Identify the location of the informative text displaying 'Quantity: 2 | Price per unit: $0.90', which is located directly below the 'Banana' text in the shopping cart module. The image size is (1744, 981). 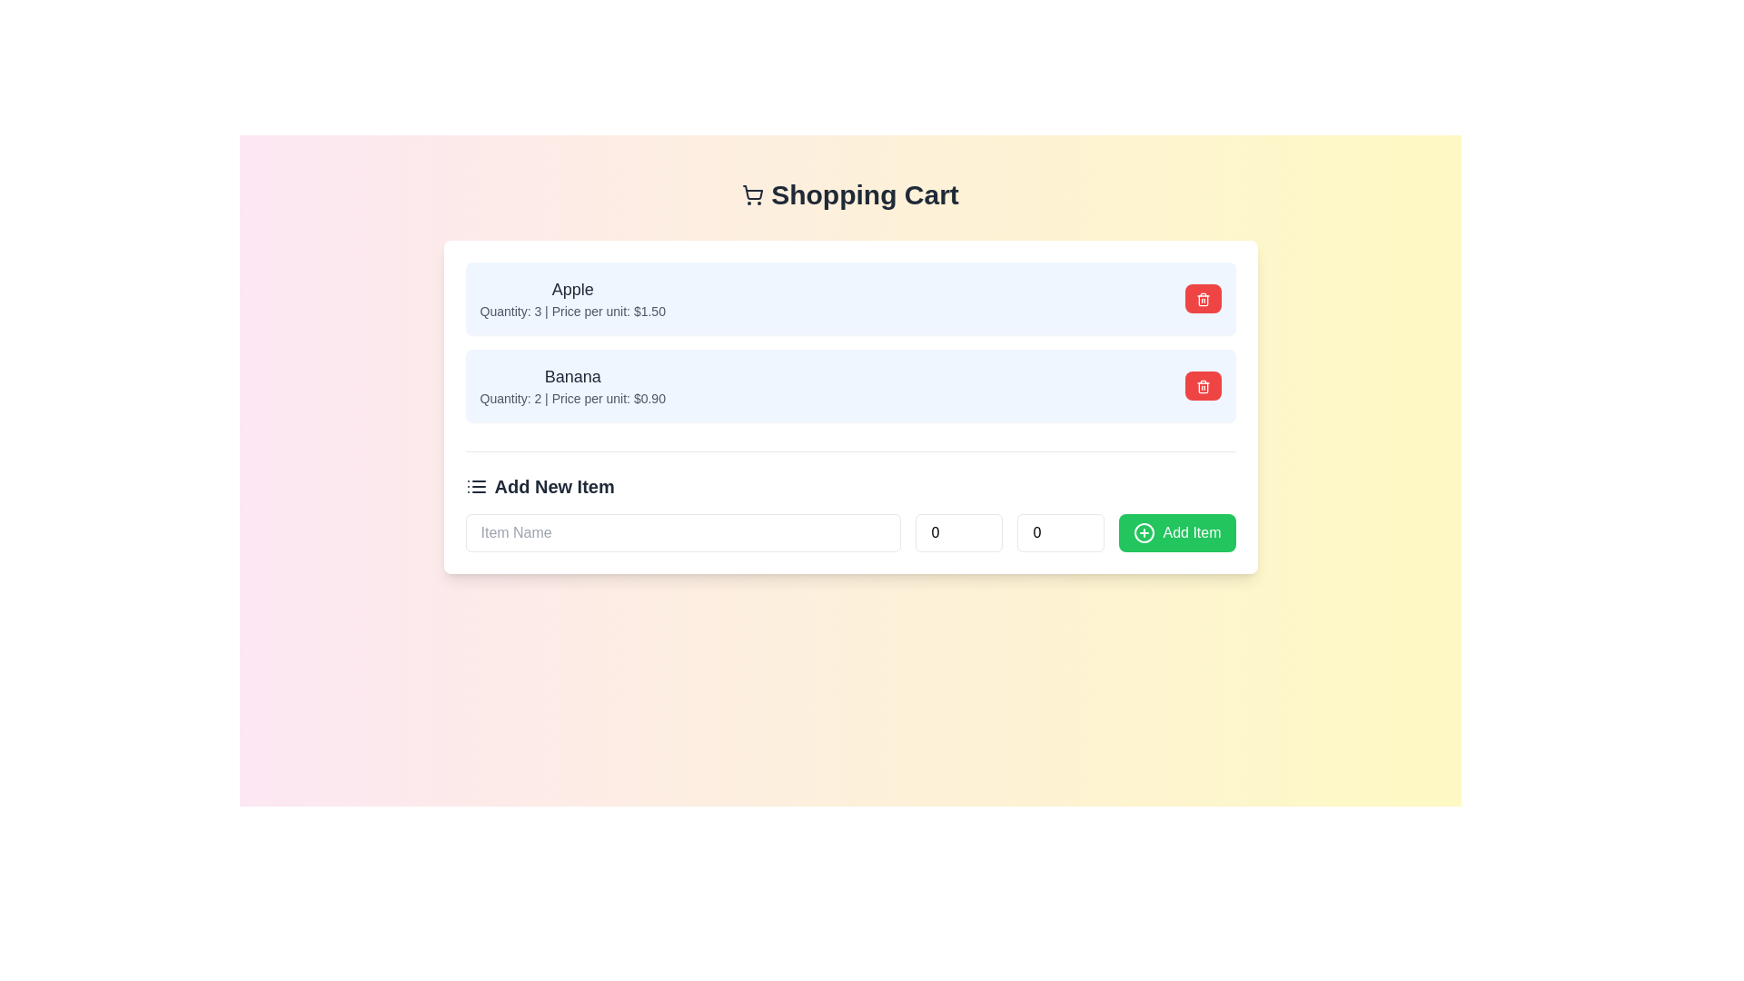
(571, 398).